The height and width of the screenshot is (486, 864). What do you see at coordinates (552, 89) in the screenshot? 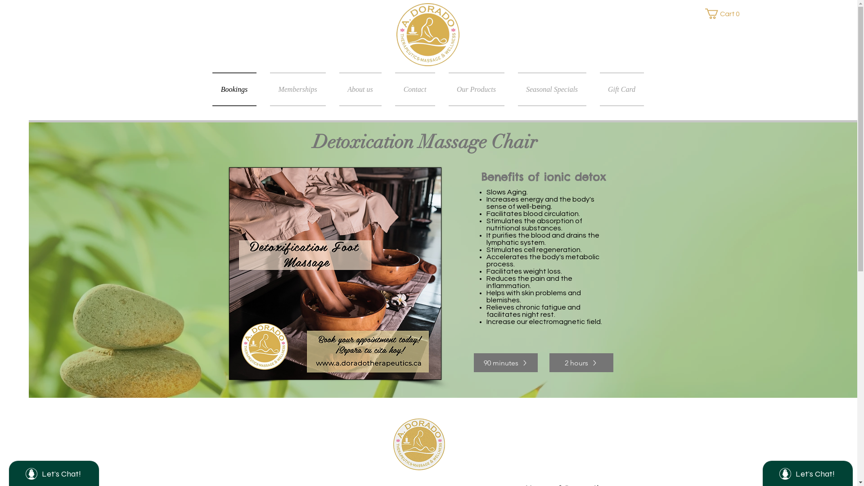
I see `'Seasonal Specials'` at bounding box center [552, 89].